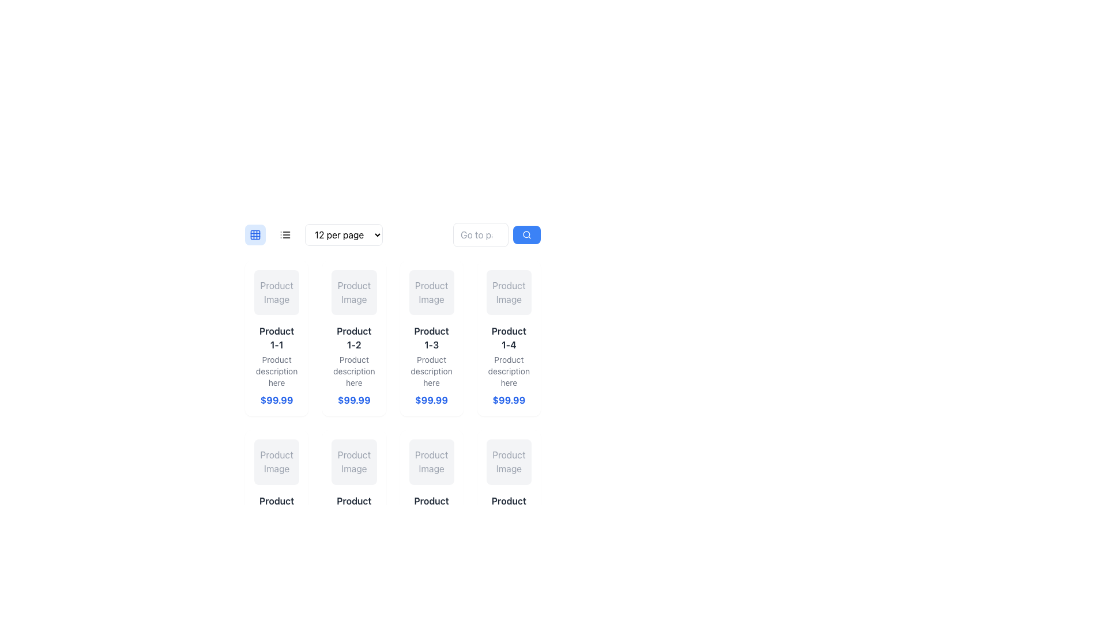 This screenshot has height=622, width=1107. Describe the element at coordinates (277, 507) in the screenshot. I see `the Card component located in the second row, first column of the product grid` at that location.